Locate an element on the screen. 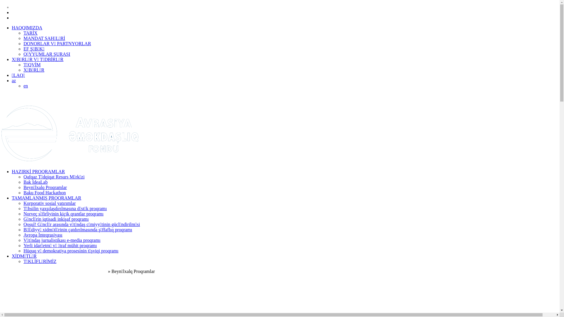  'HAQQIMIZDA' is located at coordinates (11, 28).